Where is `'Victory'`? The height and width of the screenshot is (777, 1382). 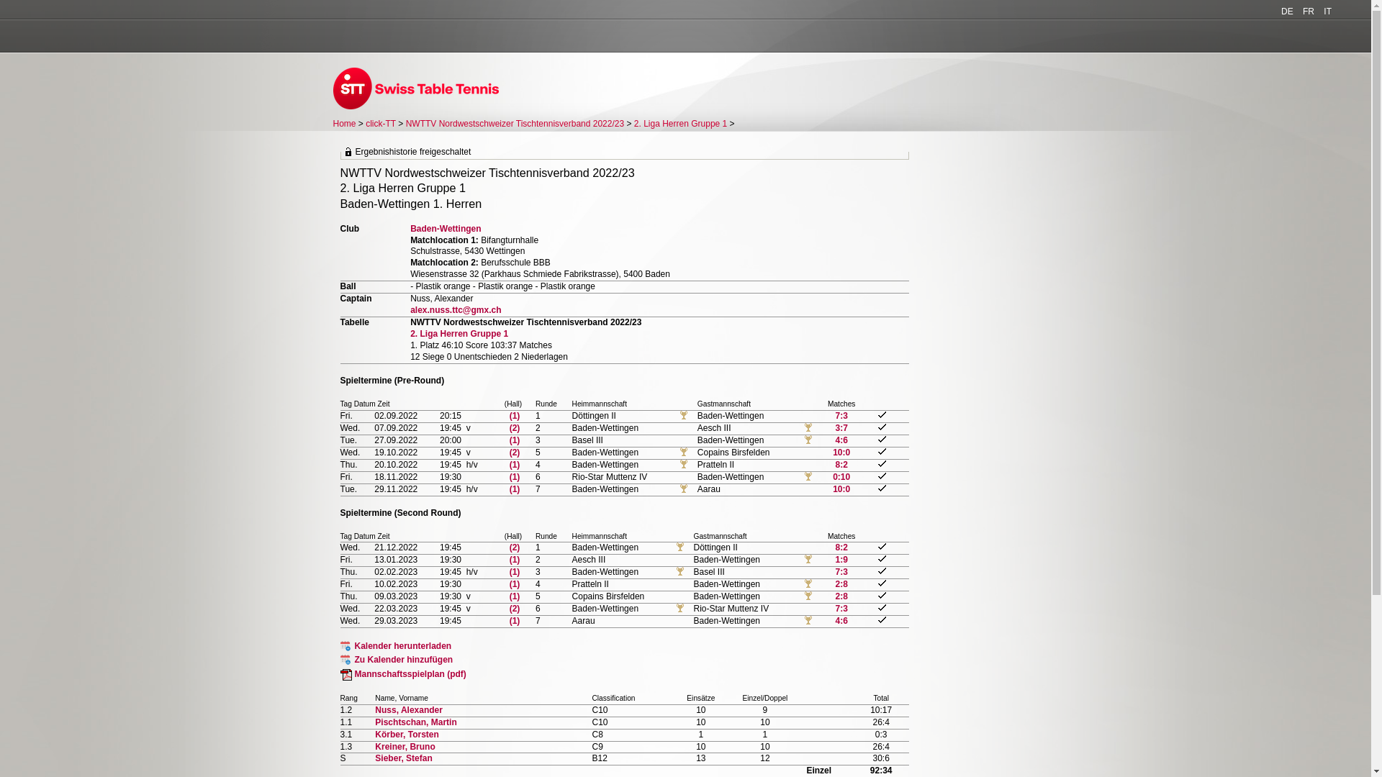
'Victory' is located at coordinates (683, 488).